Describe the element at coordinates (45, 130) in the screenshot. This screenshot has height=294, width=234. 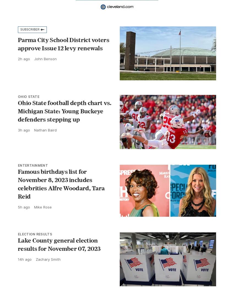
I see `'Nathan Baird'` at that location.